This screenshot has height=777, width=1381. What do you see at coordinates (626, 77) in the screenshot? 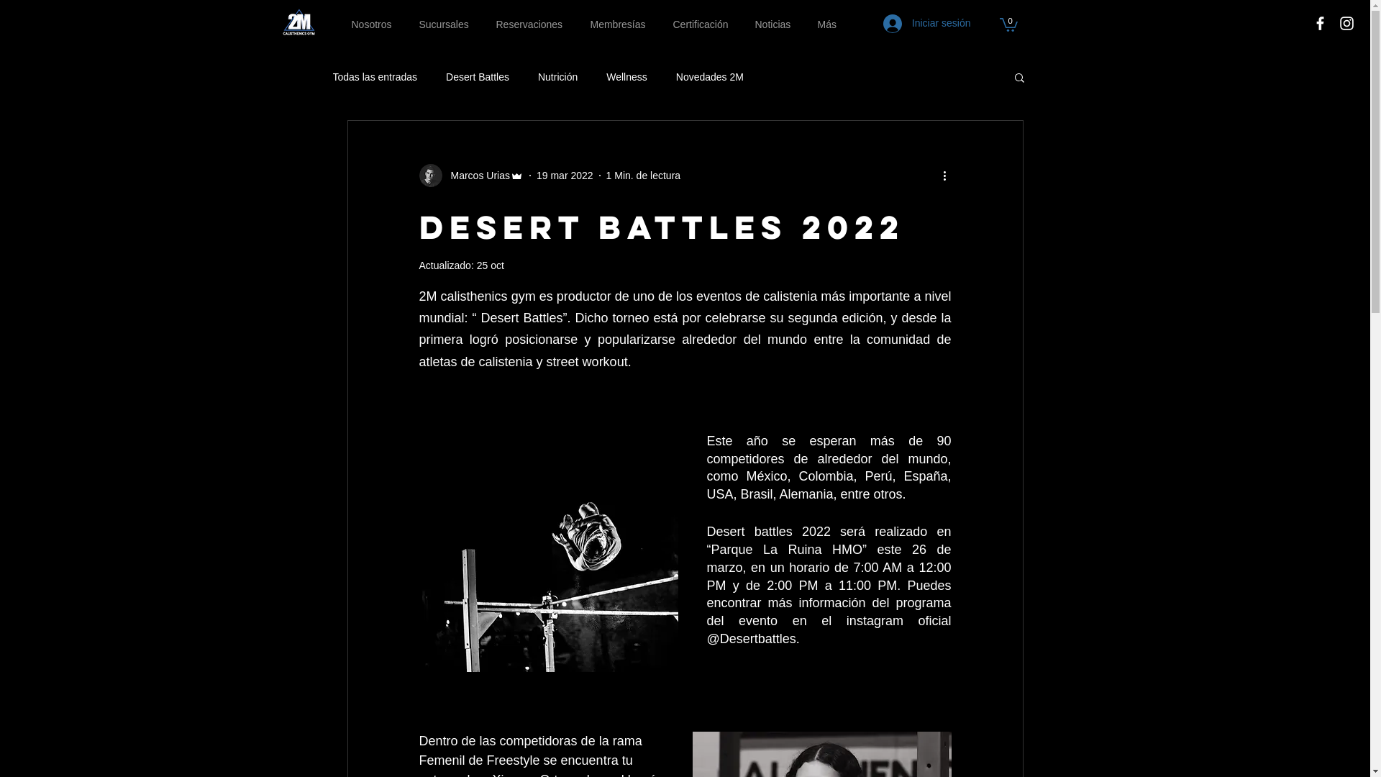
I see `'Wellness'` at bounding box center [626, 77].